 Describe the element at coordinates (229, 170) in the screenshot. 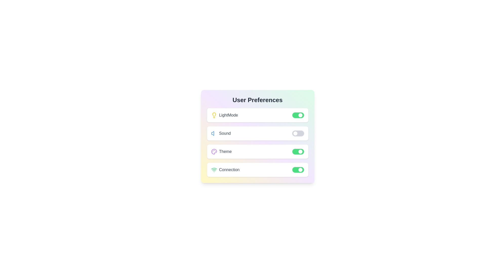

I see `the text label displaying 'Connection' in a gray font, located on the fourth line of options in the 'User Preferences' interface, next to a WiFi icon and a toggle switch` at that location.